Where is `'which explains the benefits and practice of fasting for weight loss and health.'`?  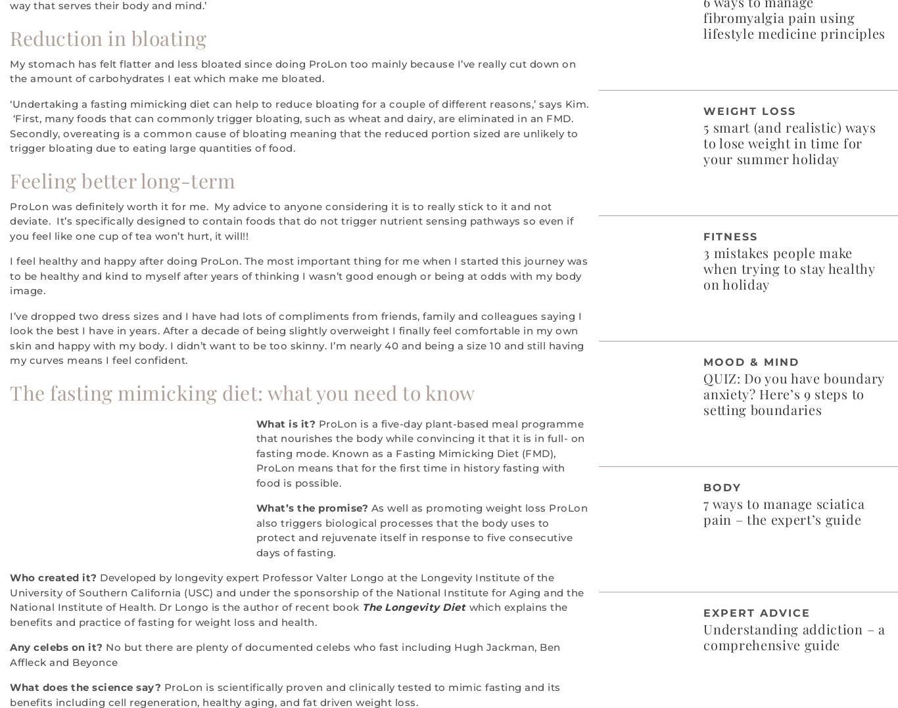
'which explains the benefits and practice of fasting for weight loss and health.' is located at coordinates (288, 613).